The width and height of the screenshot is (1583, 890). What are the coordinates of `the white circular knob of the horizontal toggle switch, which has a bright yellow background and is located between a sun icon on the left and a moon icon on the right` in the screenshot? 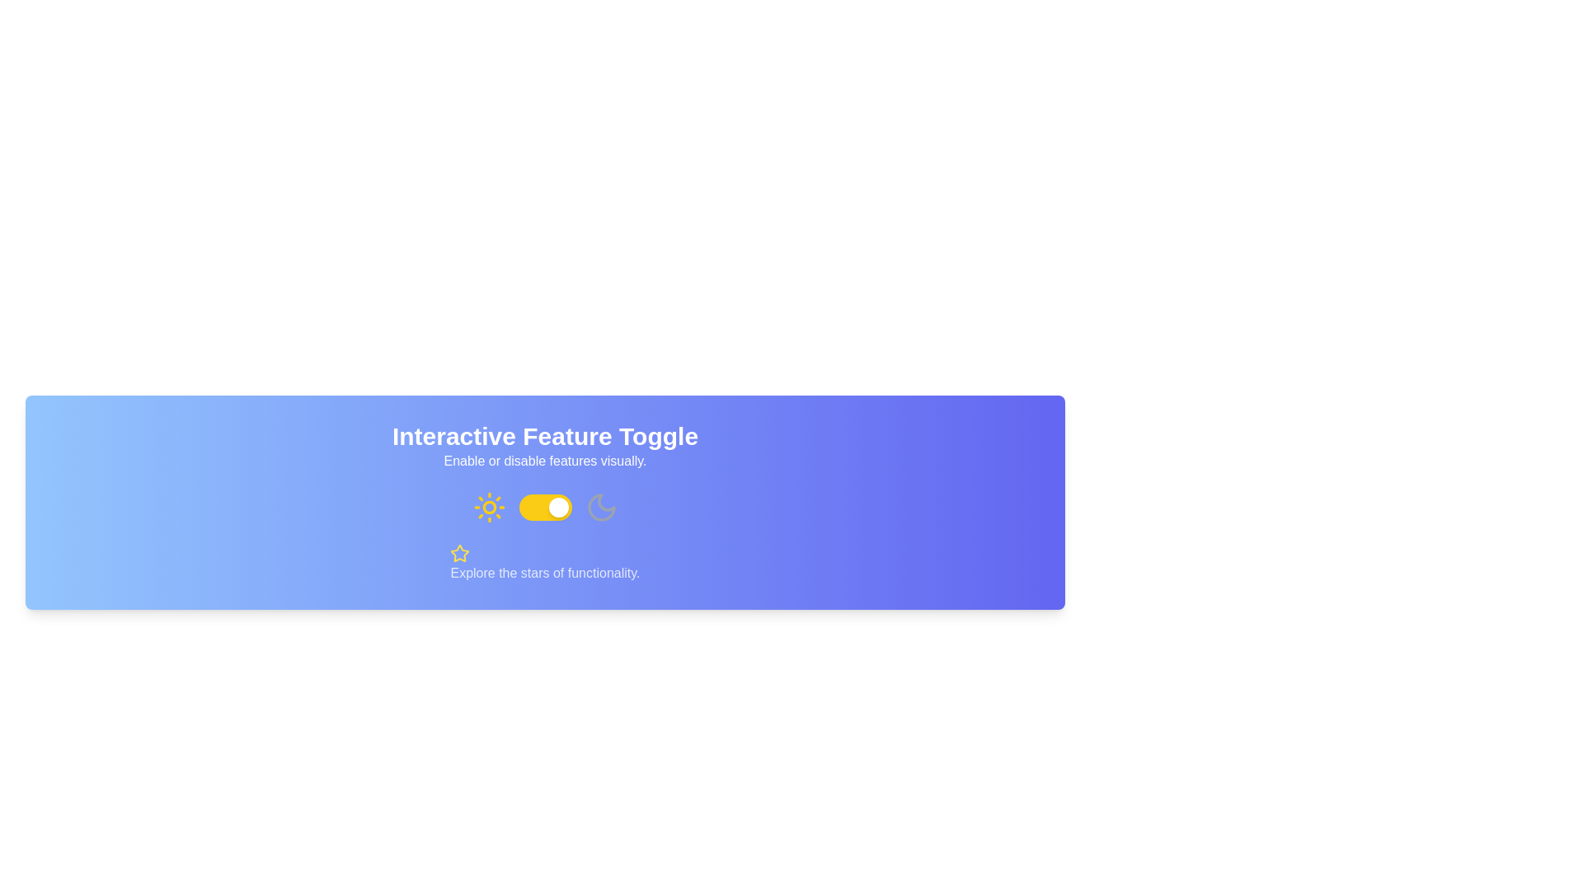 It's located at (545, 507).